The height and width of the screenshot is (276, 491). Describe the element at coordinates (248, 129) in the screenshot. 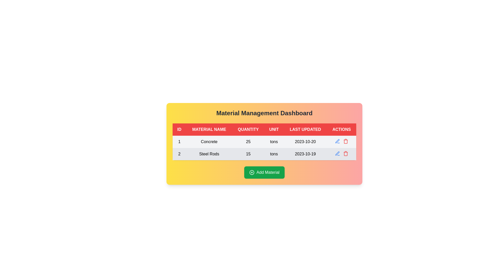

I see `the 'Quantity' header in the table, which is the third item in the header row following 'Material Name' and preceding 'Unit'` at that location.